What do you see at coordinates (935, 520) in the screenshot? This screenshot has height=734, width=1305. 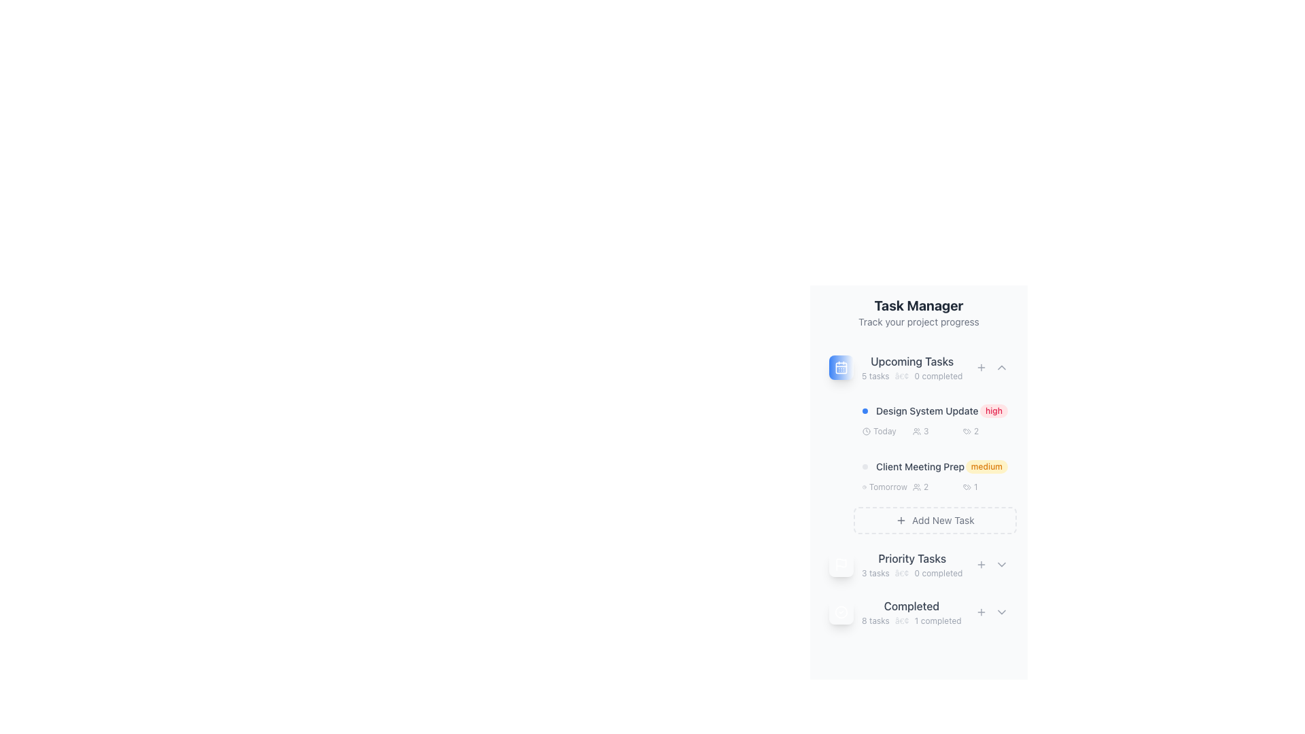 I see `the 'Add New Task' button located at the bottom of the 'Upcoming Tasks' section` at bounding box center [935, 520].